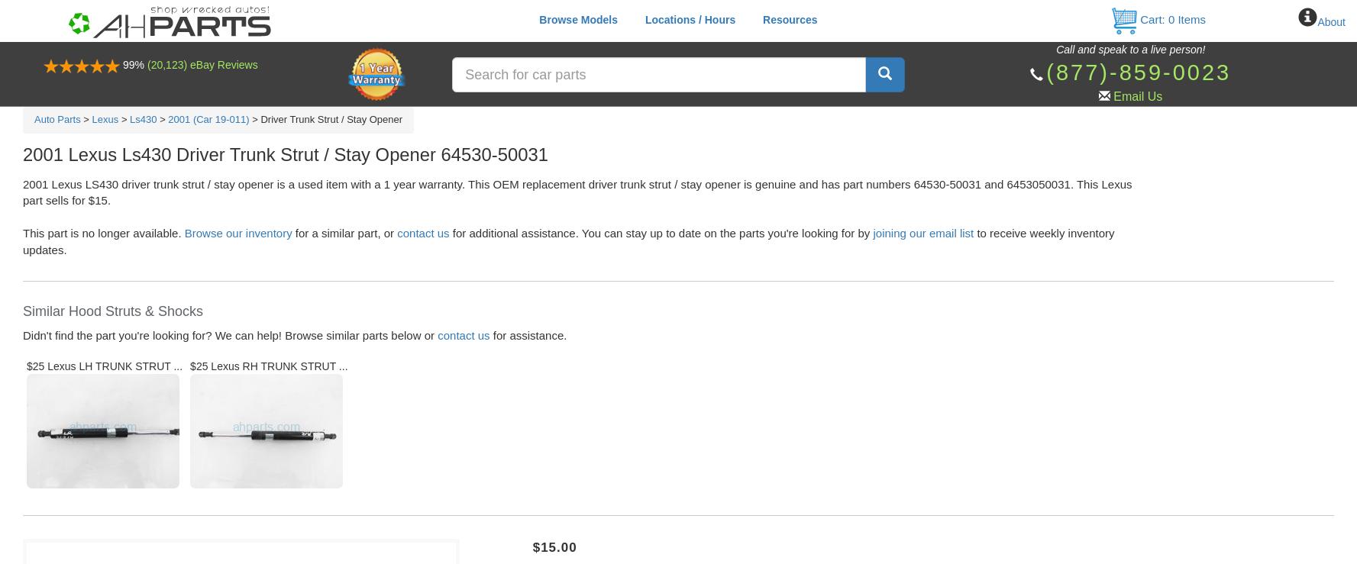 The image size is (1357, 564). What do you see at coordinates (104, 365) in the screenshot?
I see `'$25 Lexus LH TRUNK STRUT ...'` at bounding box center [104, 365].